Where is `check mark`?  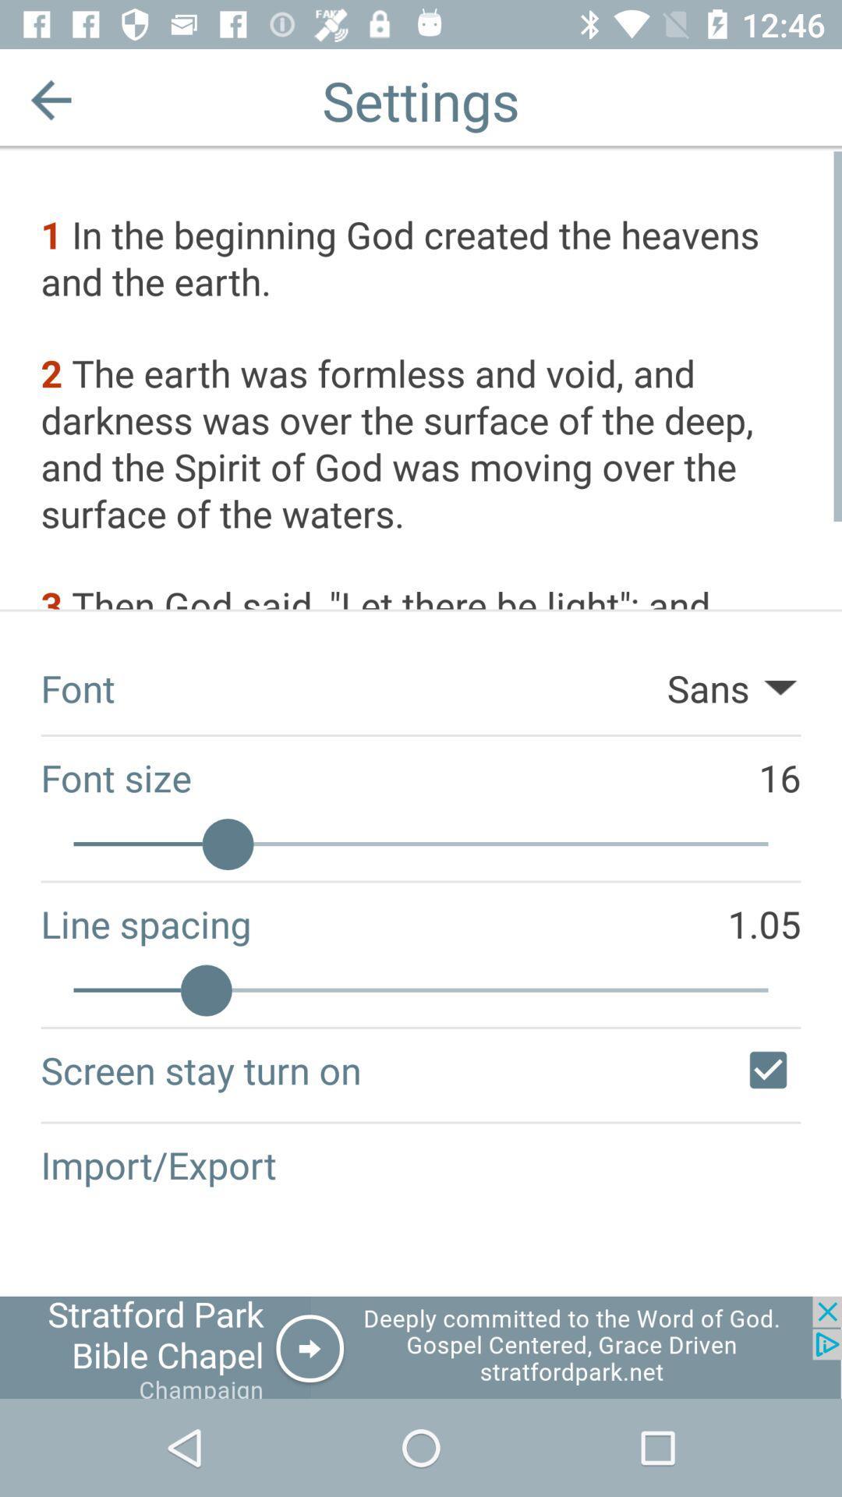 check mark is located at coordinates (767, 1069).